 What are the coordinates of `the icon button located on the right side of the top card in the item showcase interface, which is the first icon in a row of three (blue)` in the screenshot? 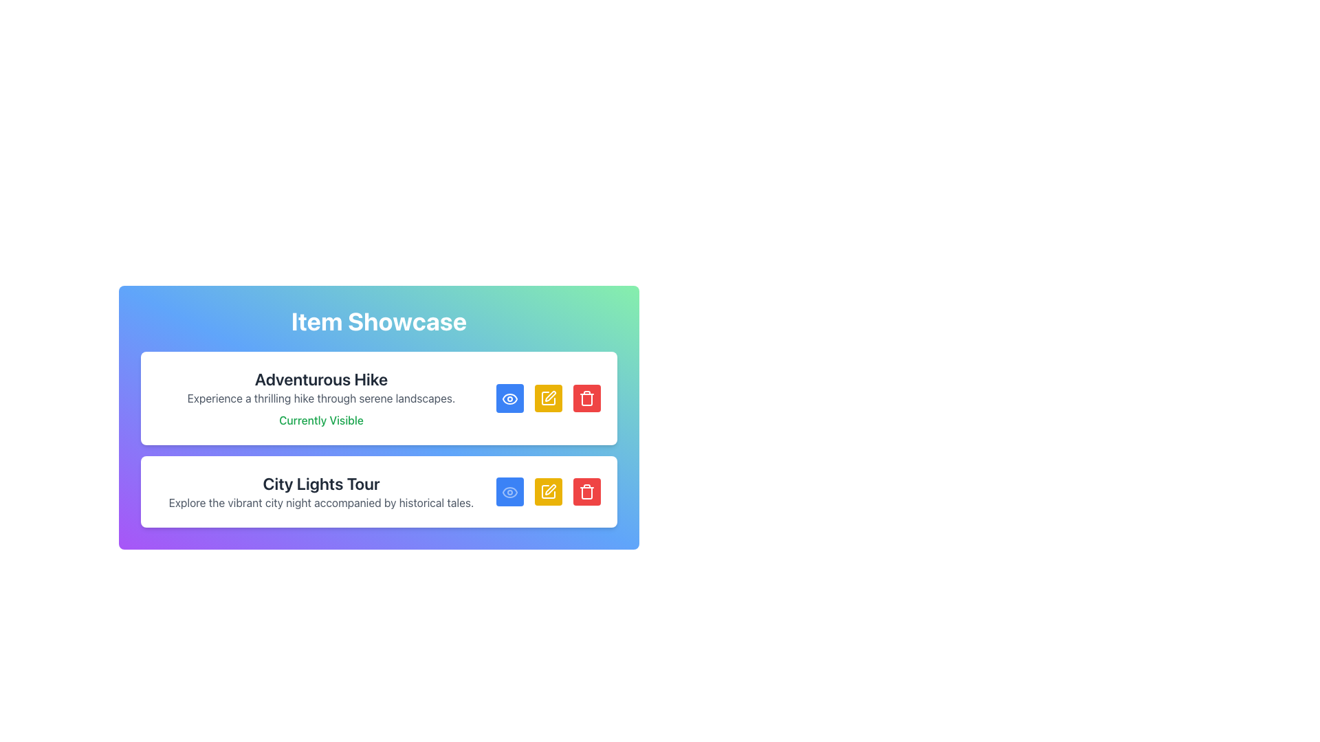 It's located at (509, 398).